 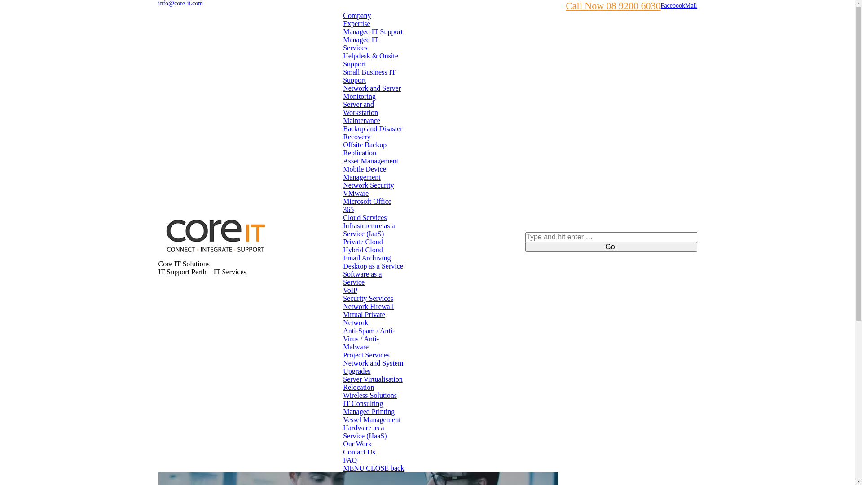 I want to click on 'Managed Printing', so click(x=369, y=411).